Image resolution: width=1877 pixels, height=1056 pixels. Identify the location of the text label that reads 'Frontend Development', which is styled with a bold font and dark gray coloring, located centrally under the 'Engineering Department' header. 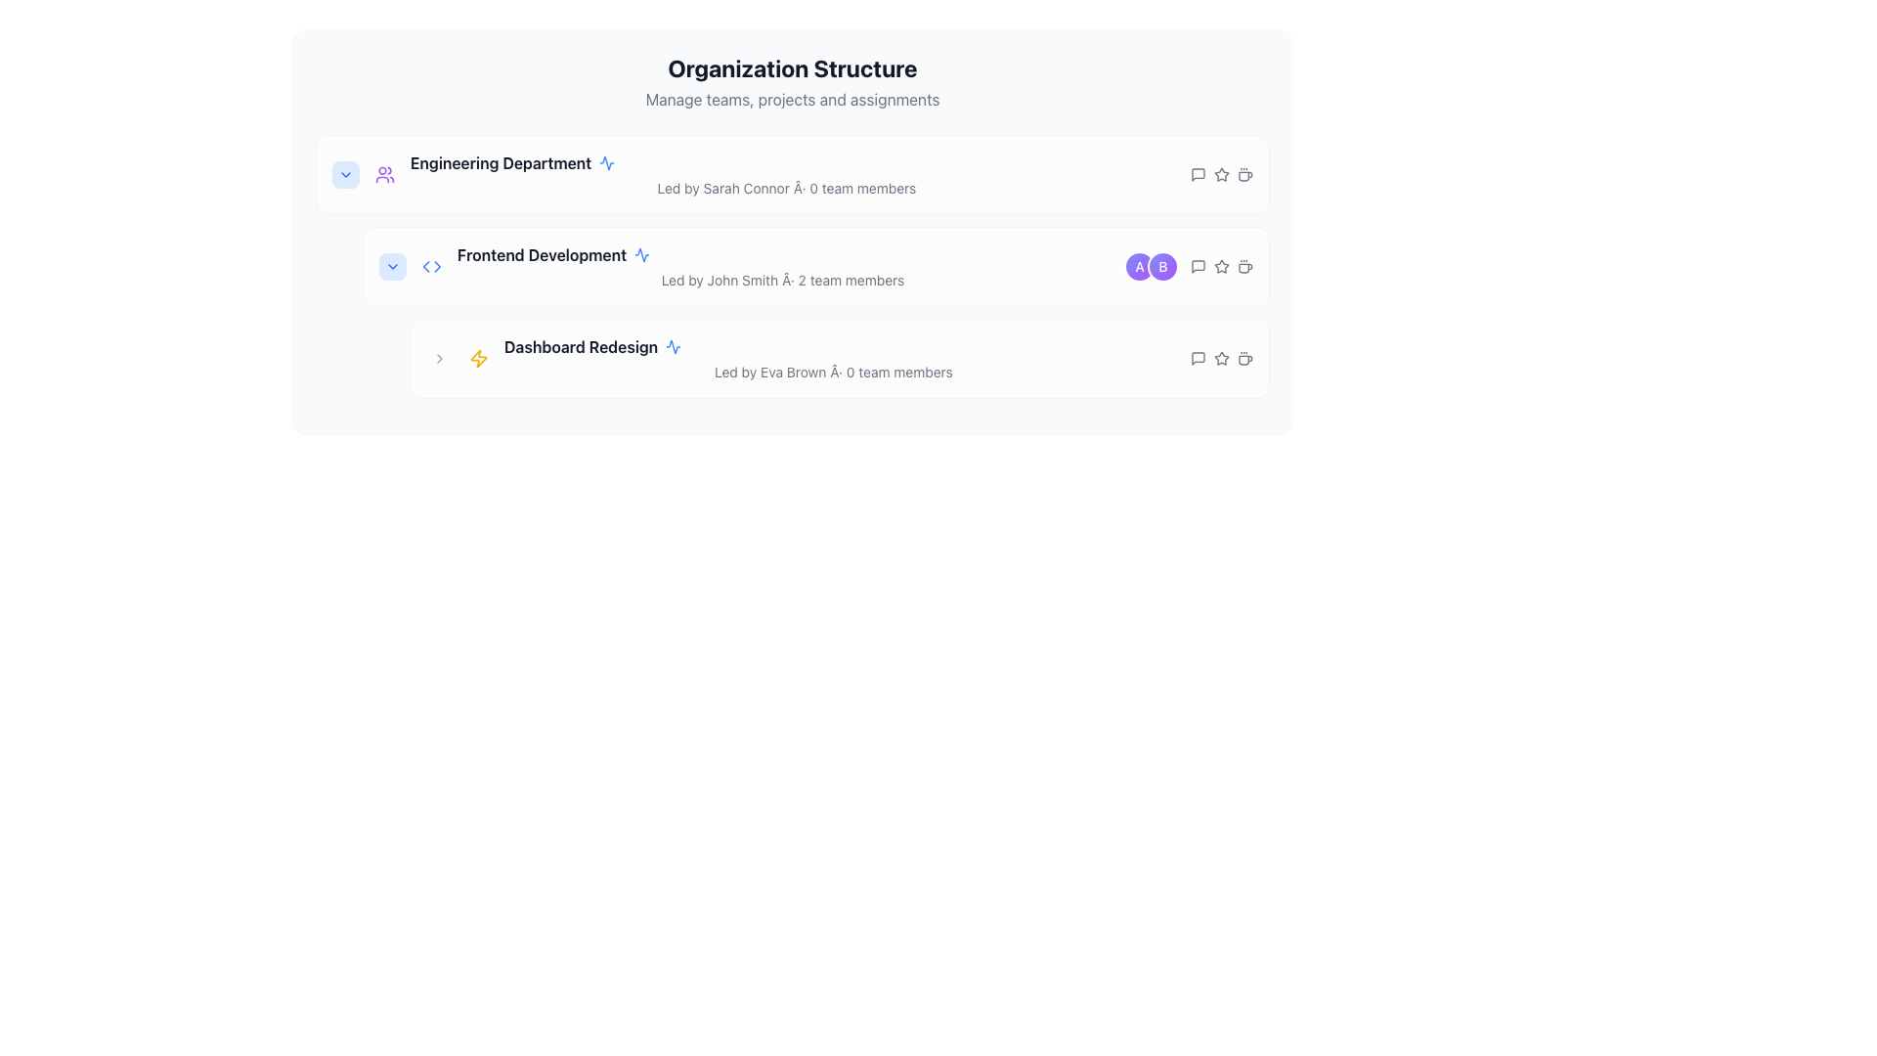
(542, 254).